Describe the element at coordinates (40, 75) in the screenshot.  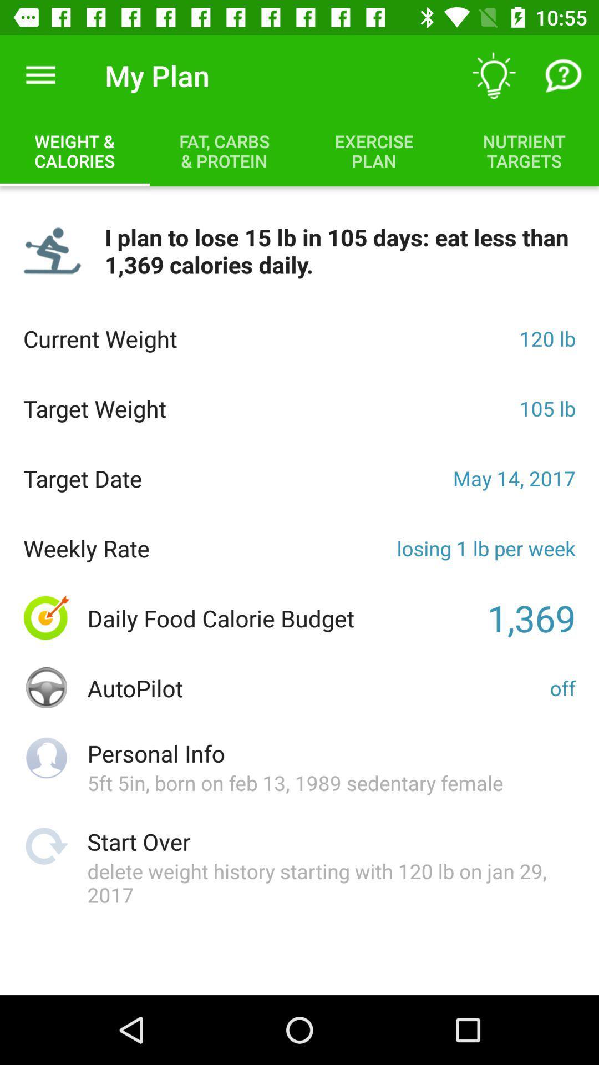
I see `item to the left of my plan` at that location.